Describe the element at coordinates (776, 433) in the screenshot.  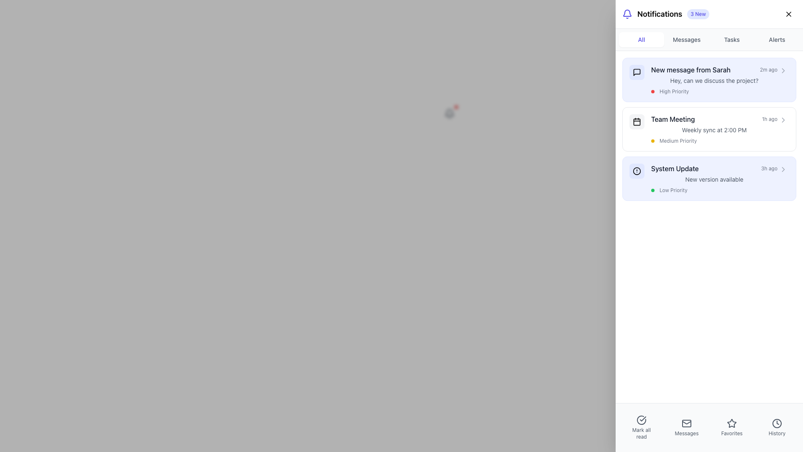
I see `text label that describes the functionality of the 'History' button located at the bottom-right corner of the interface` at that location.